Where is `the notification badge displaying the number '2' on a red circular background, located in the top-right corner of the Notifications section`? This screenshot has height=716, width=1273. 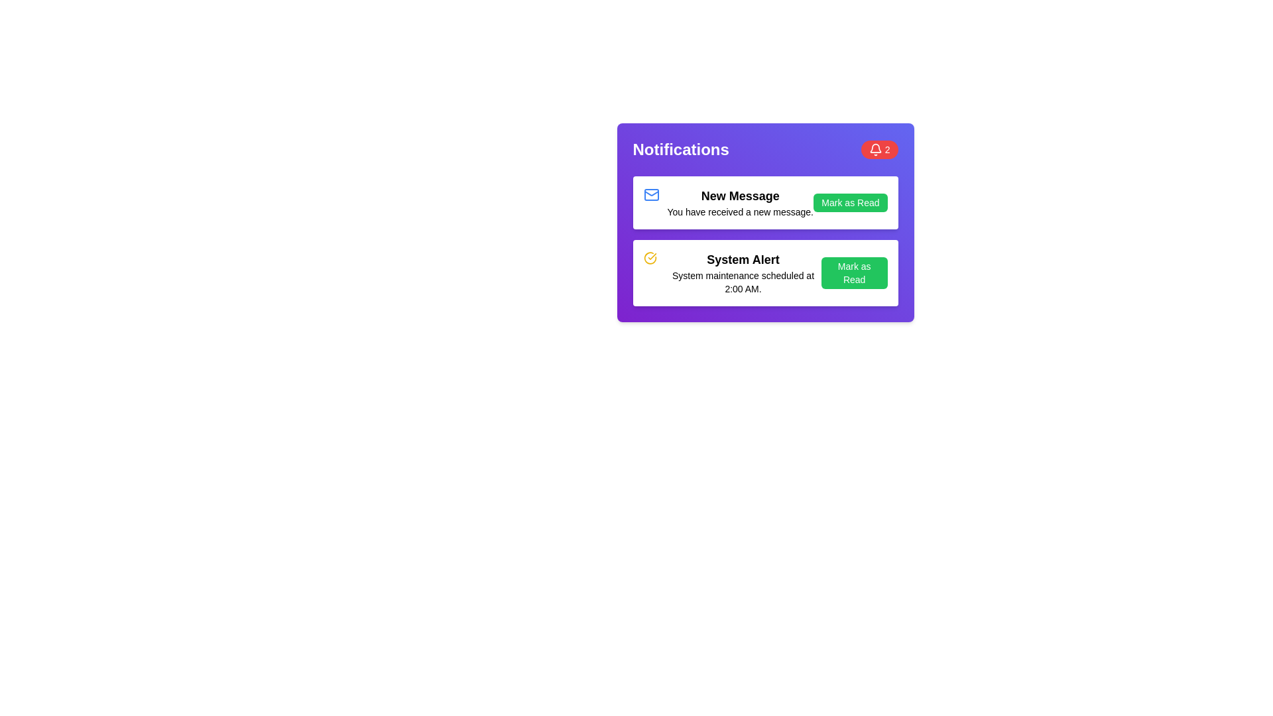 the notification badge displaying the number '2' on a red circular background, located in the top-right corner of the Notifications section is located at coordinates (879, 149).